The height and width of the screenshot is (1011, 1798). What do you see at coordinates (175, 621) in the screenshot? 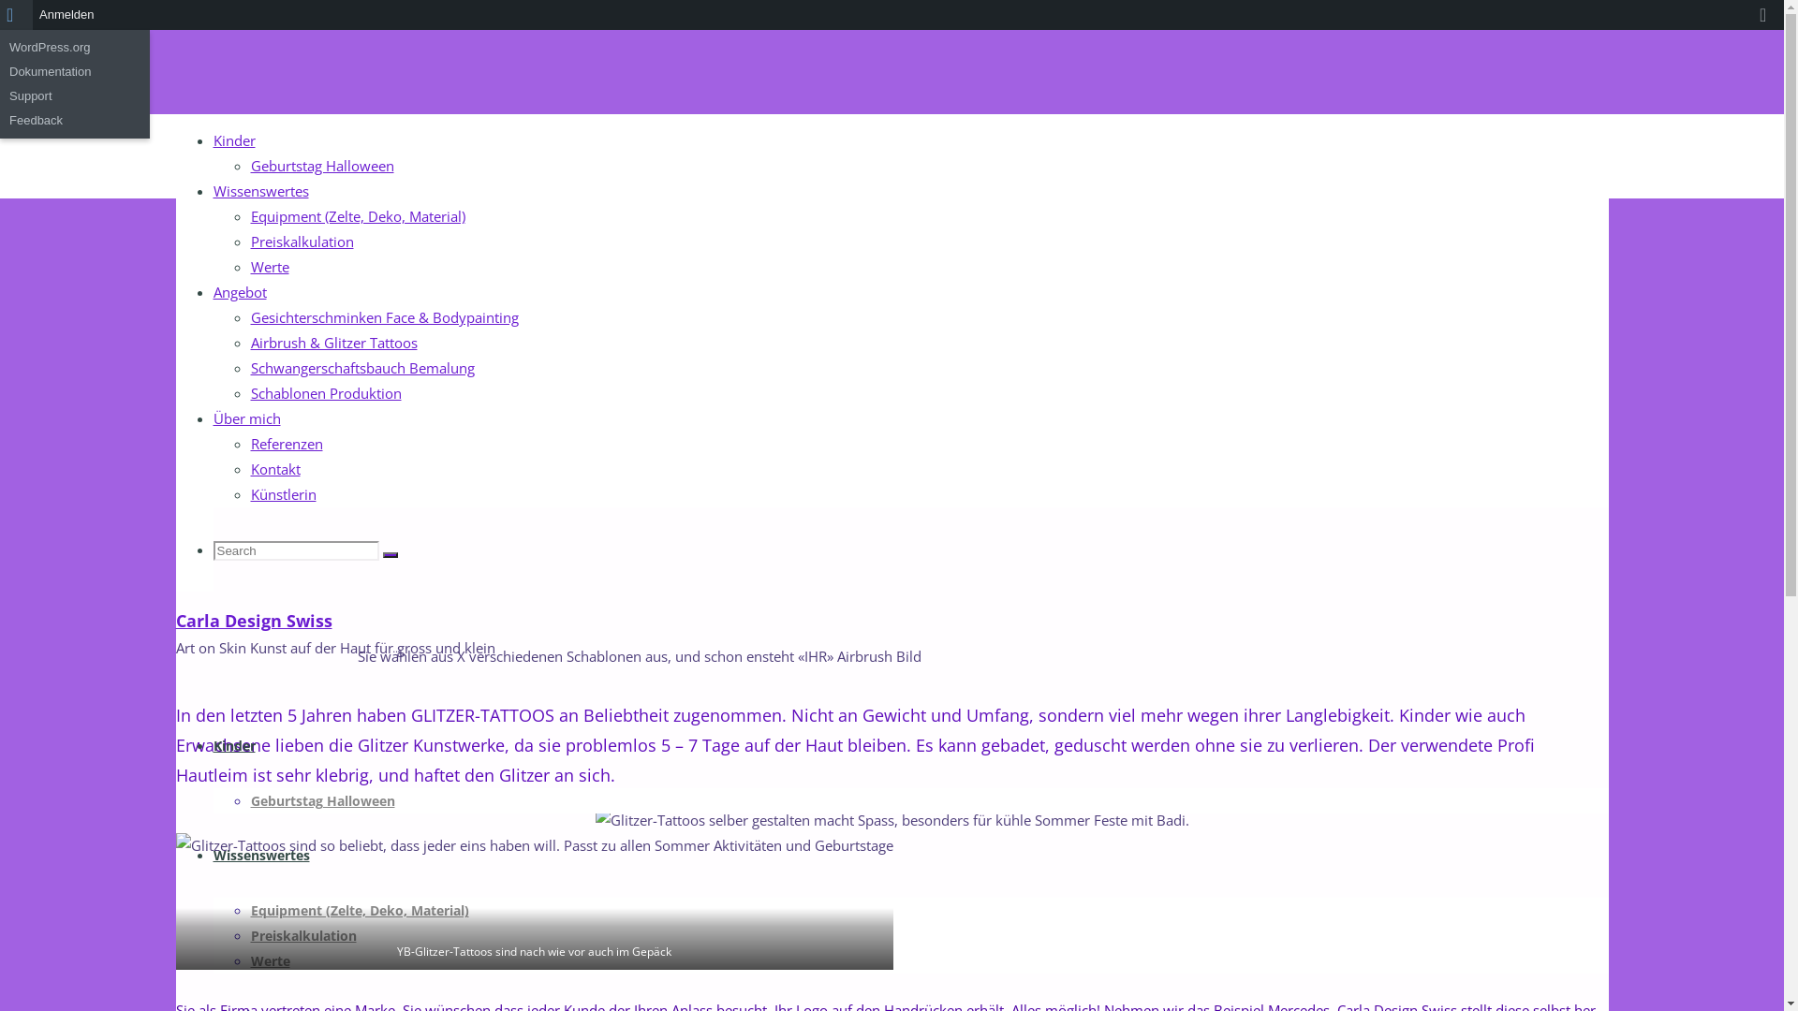
I see `'Carla Design Swiss'` at bounding box center [175, 621].